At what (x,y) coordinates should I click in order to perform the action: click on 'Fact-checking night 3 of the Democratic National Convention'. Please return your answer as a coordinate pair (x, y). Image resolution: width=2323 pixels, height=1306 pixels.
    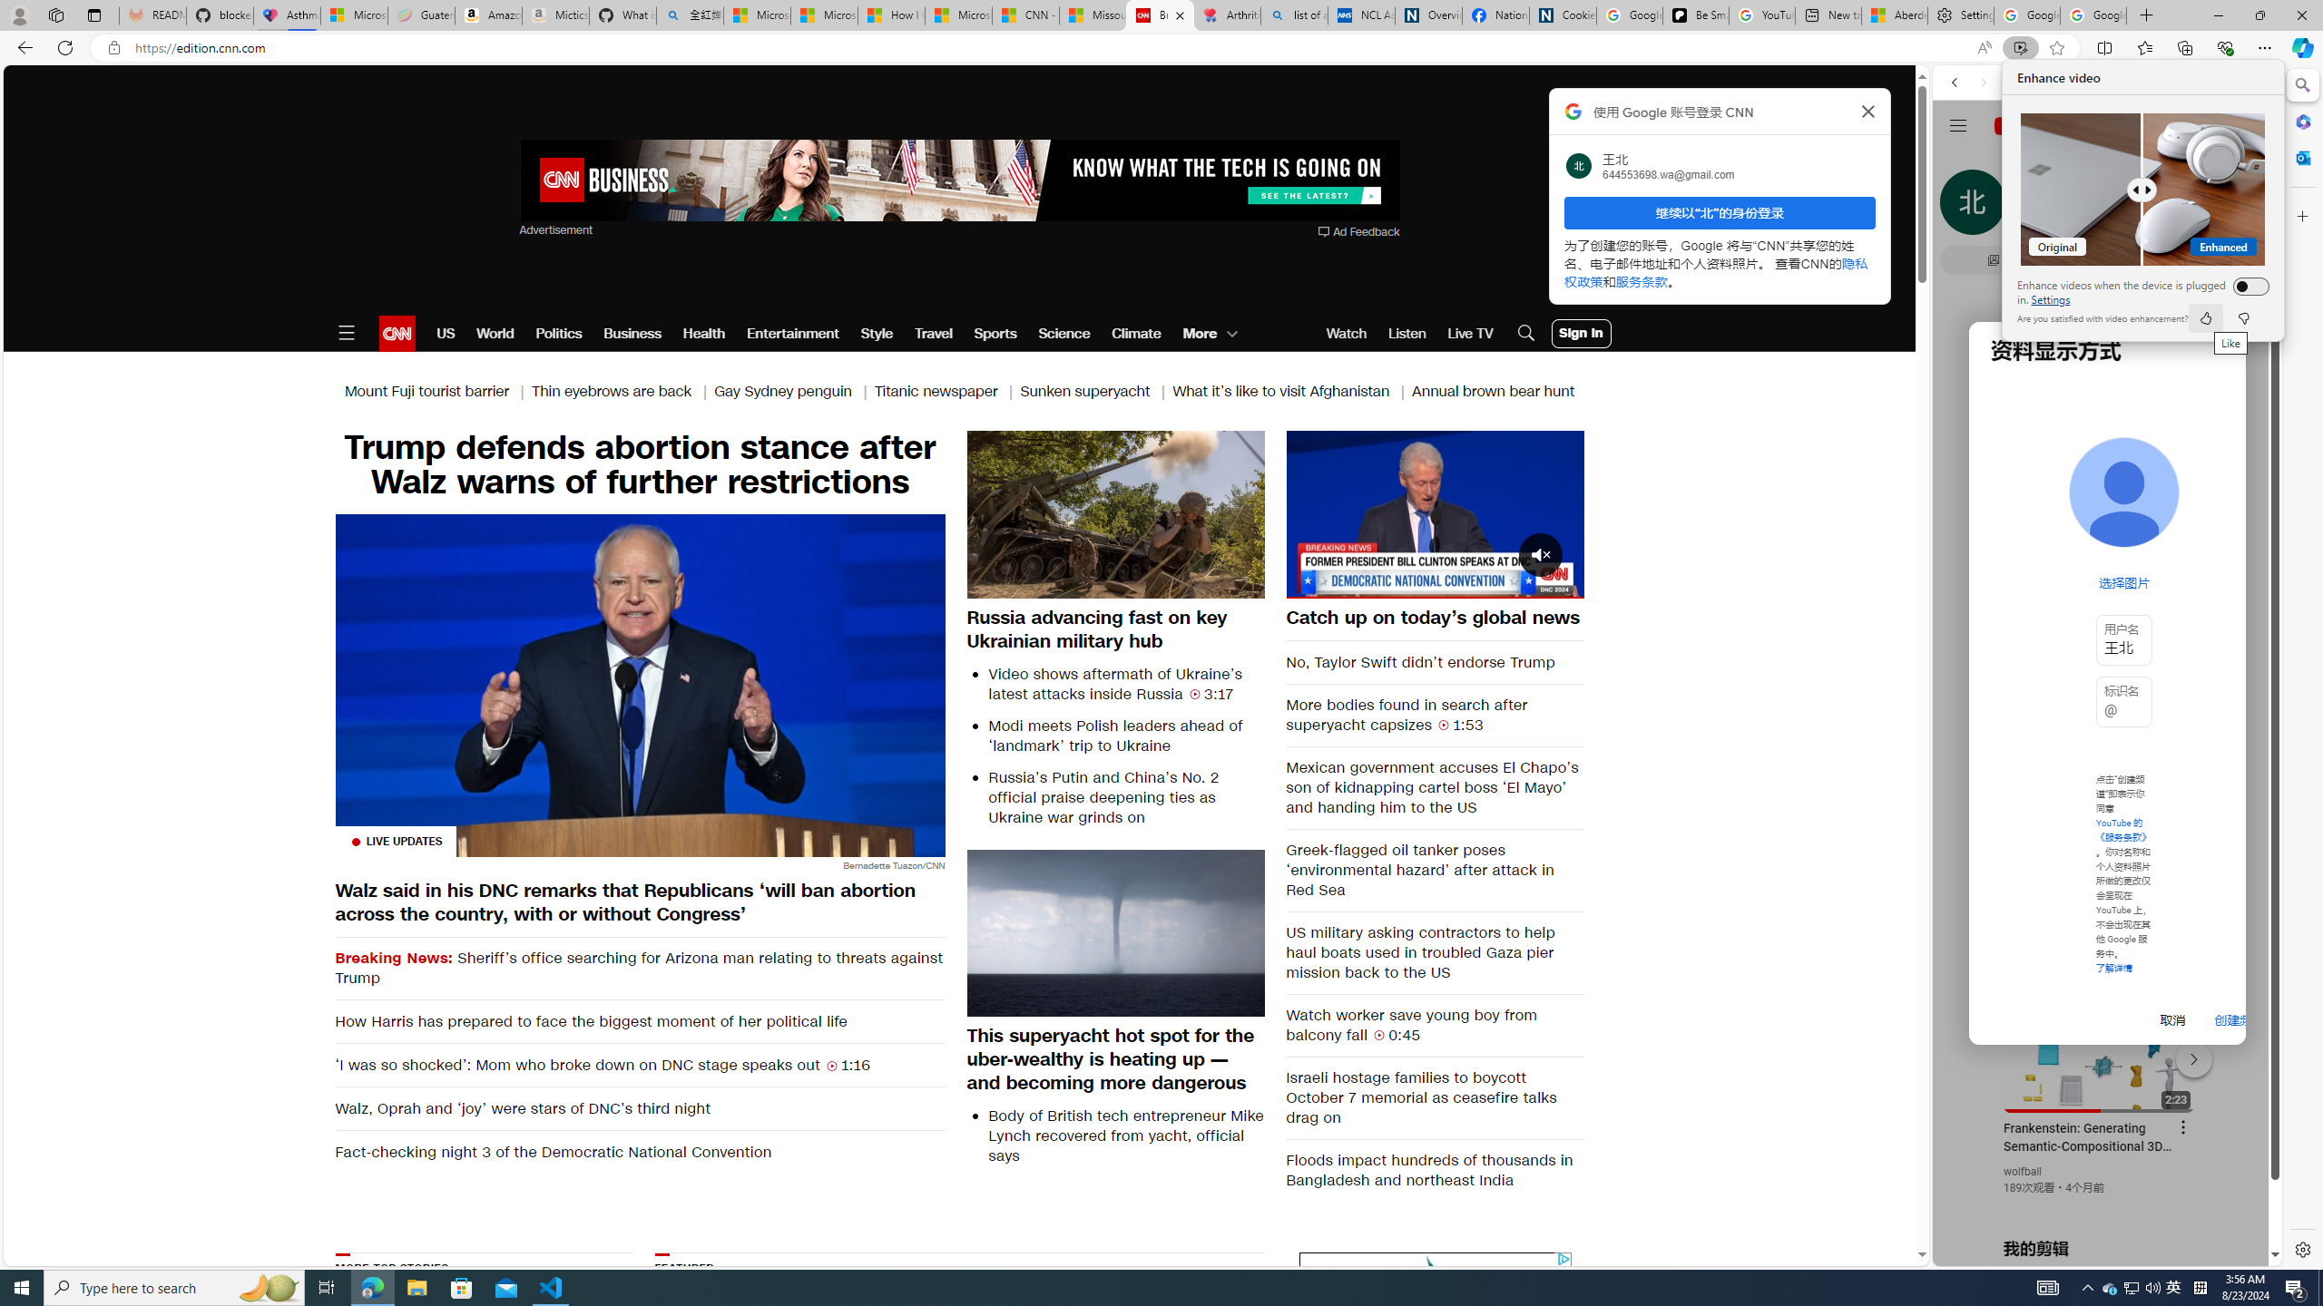
    Looking at the image, I should click on (640, 1151).